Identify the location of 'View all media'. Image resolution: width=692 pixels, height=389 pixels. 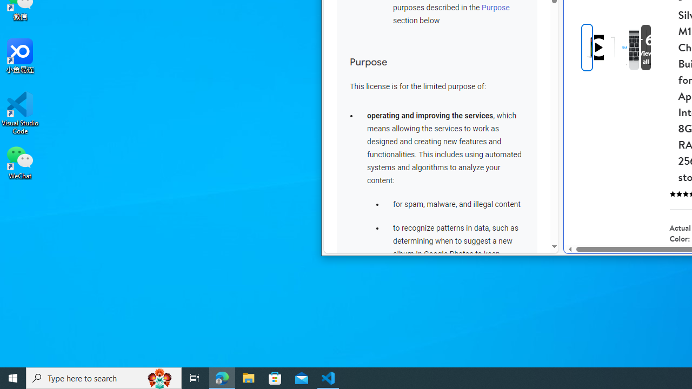
(646, 47).